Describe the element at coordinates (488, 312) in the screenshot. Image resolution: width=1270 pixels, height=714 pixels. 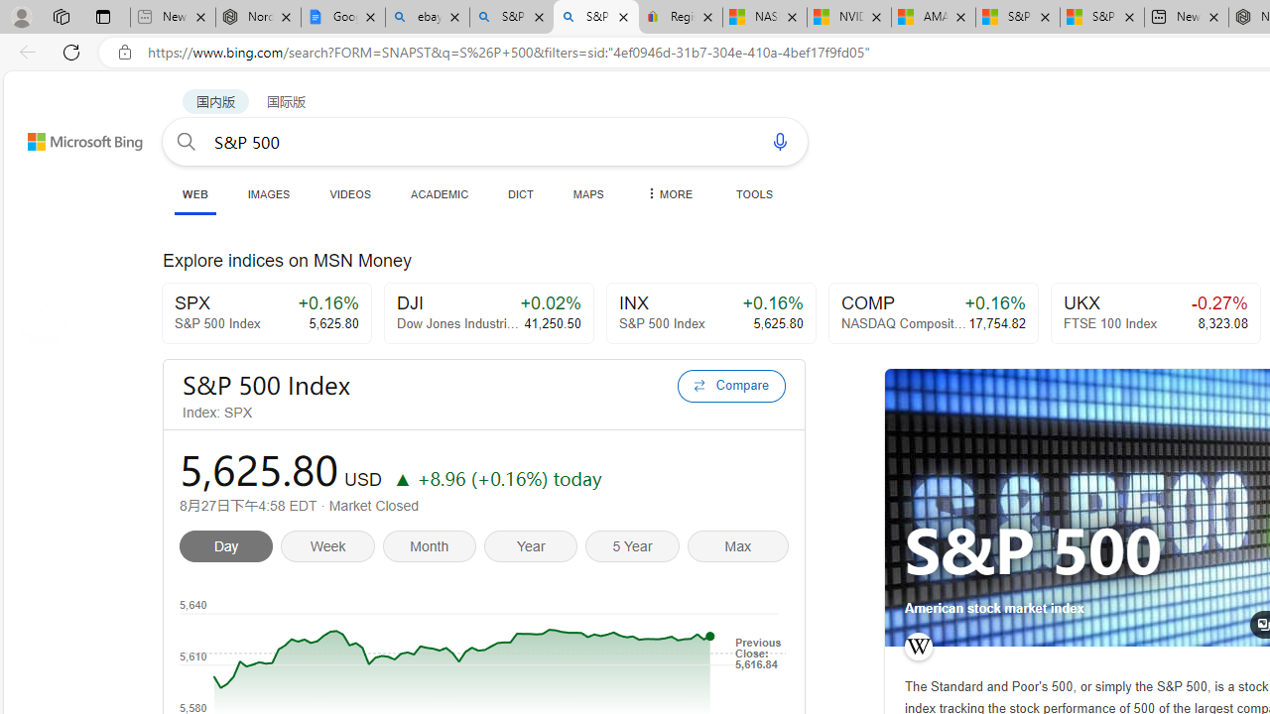
I see `'DJI +0.02% Dow Jones Industrial Average Index 41,250.50'` at that location.